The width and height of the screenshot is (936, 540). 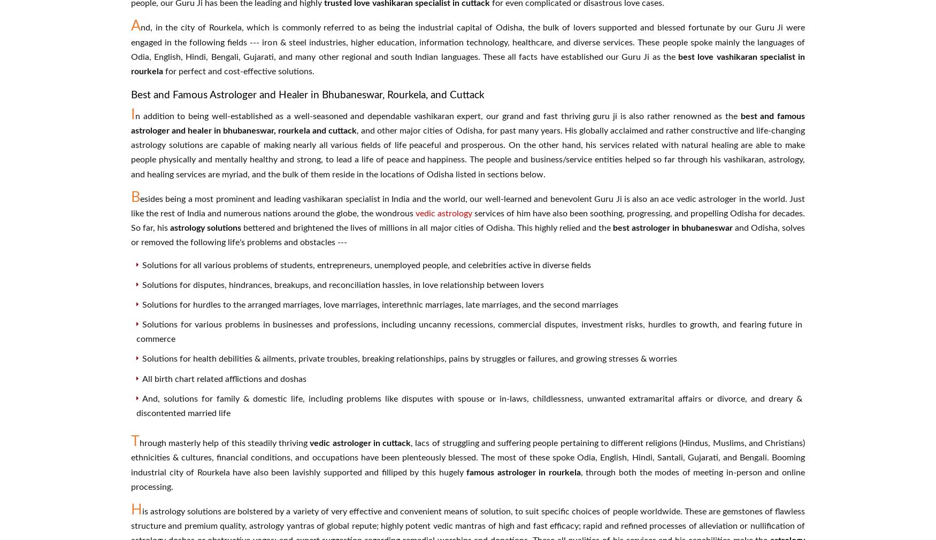 I want to click on 'astrology solutions', so click(x=205, y=228).